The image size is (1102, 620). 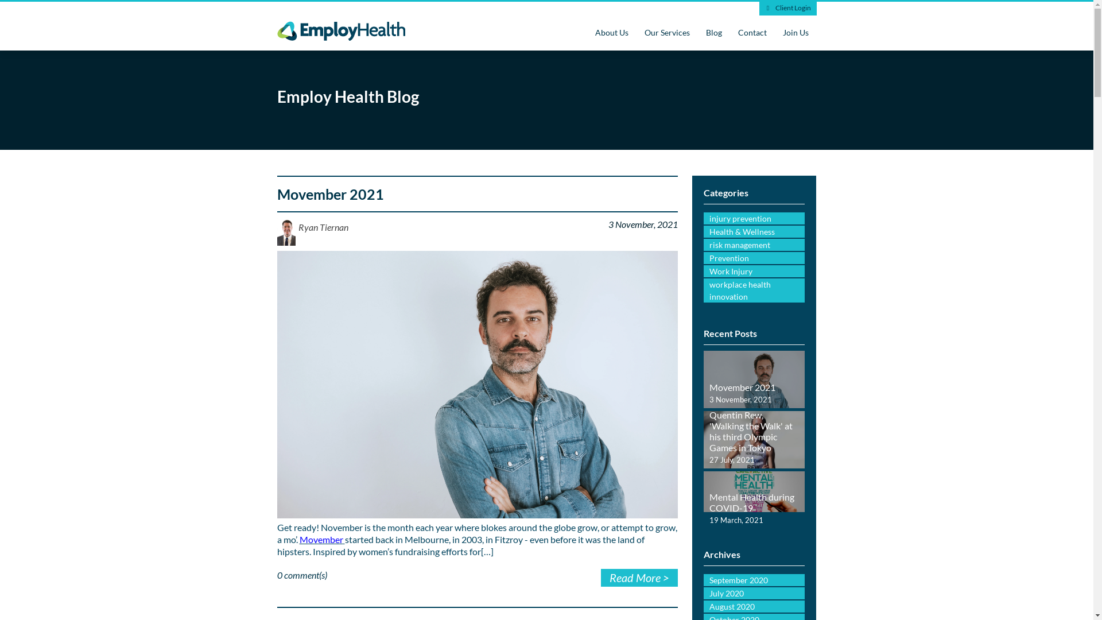 What do you see at coordinates (713, 32) in the screenshot?
I see `'Blog'` at bounding box center [713, 32].